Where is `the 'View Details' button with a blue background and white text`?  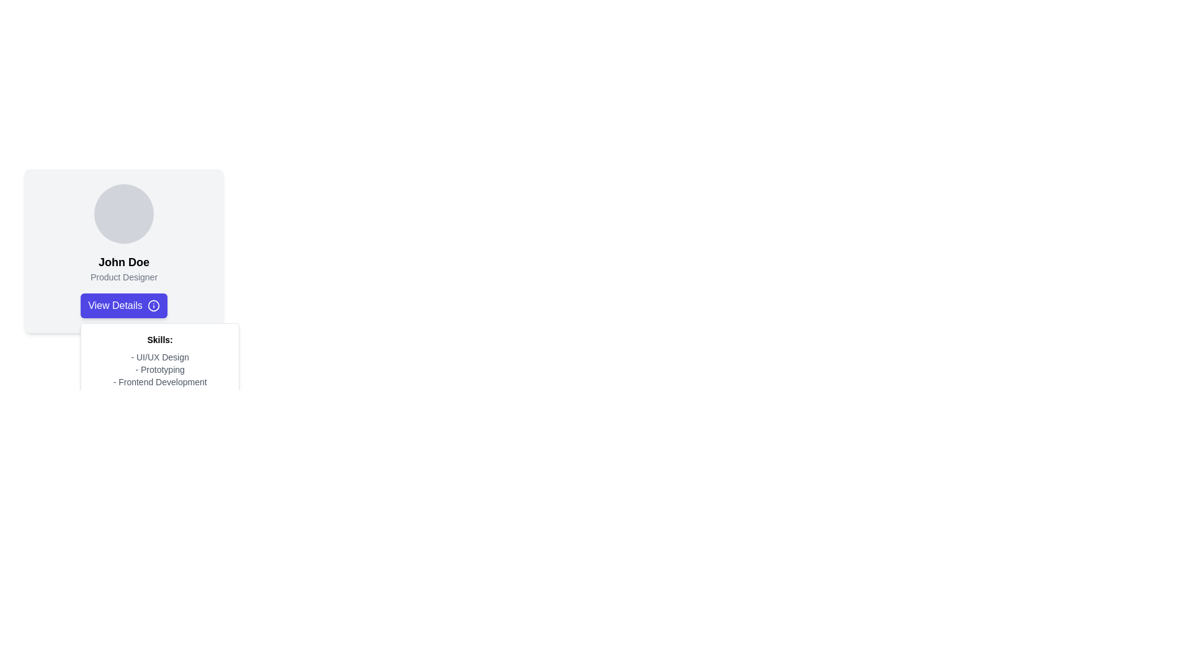 the 'View Details' button with a blue background and white text is located at coordinates (124, 306).